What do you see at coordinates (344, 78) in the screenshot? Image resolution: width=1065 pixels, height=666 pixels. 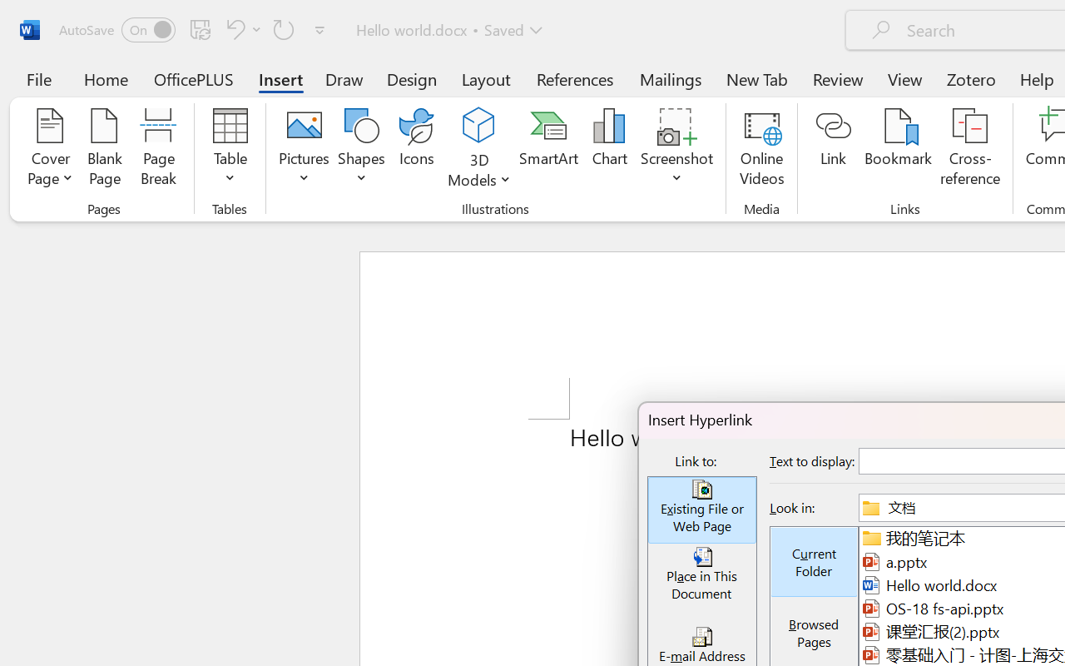 I see `'Draw'` at bounding box center [344, 78].